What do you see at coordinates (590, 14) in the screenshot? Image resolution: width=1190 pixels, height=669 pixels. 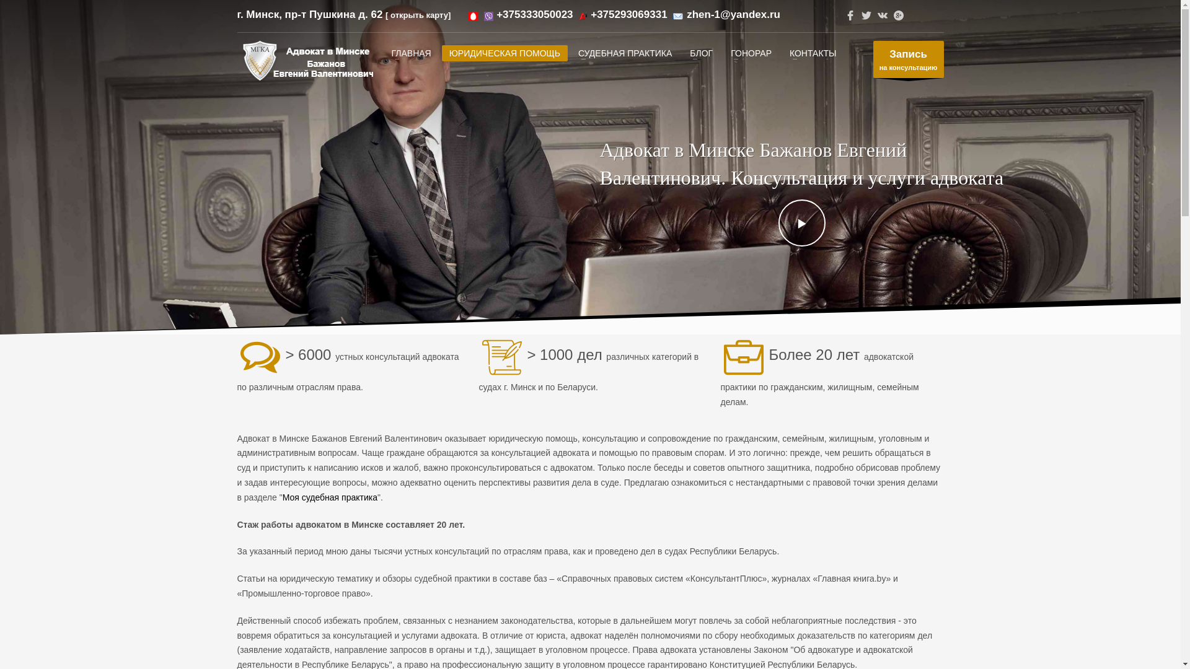 I see `'+375293069331'` at bounding box center [590, 14].